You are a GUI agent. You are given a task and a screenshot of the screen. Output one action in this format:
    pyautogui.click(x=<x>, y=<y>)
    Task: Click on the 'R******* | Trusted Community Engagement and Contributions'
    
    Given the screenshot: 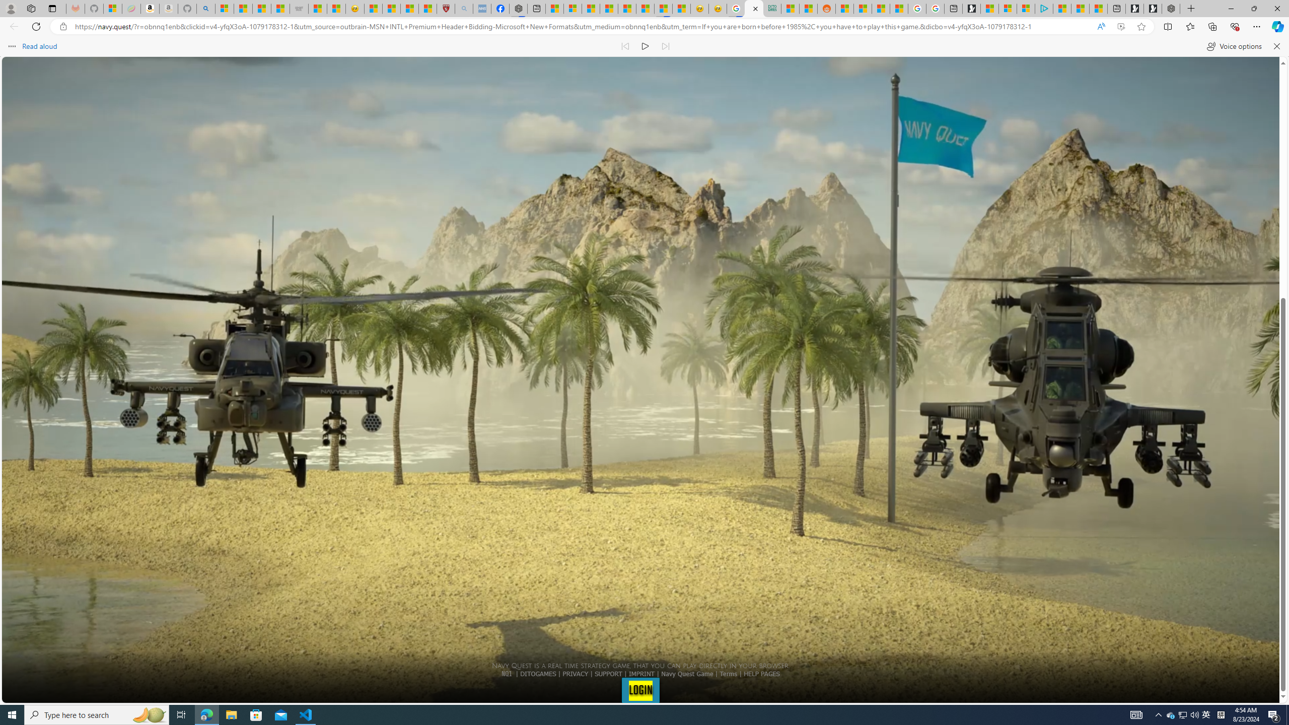 What is the action you would take?
    pyautogui.click(x=845, y=8)
    